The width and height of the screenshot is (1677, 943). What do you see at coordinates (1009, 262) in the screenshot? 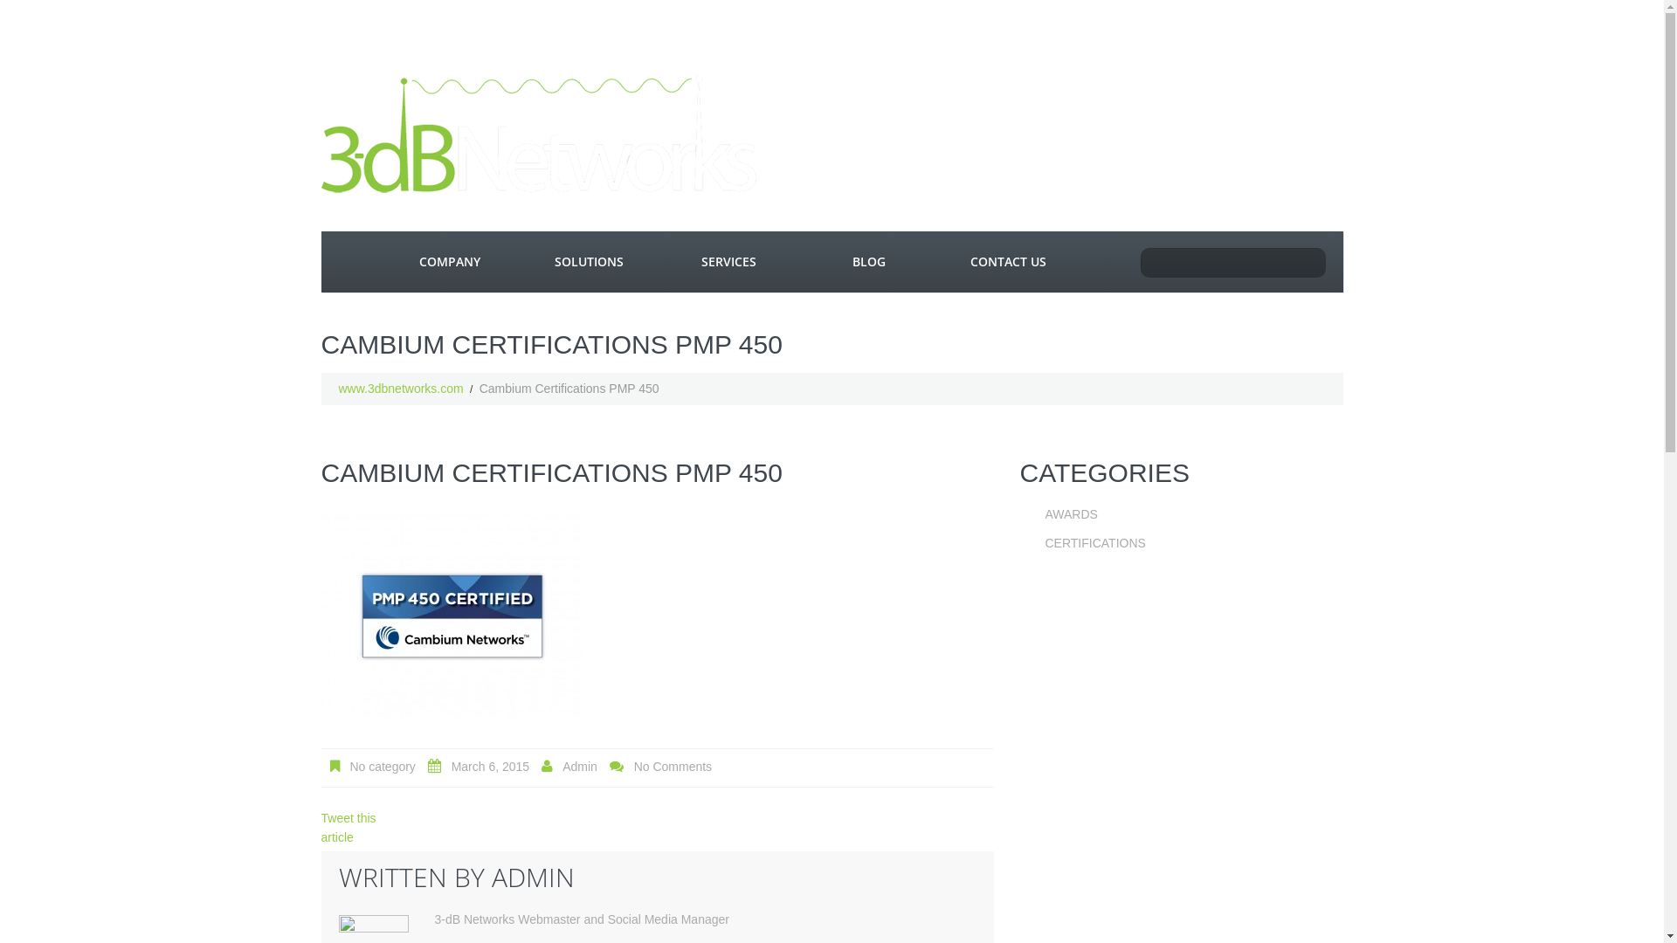
I see `'CONTACT US'` at bounding box center [1009, 262].